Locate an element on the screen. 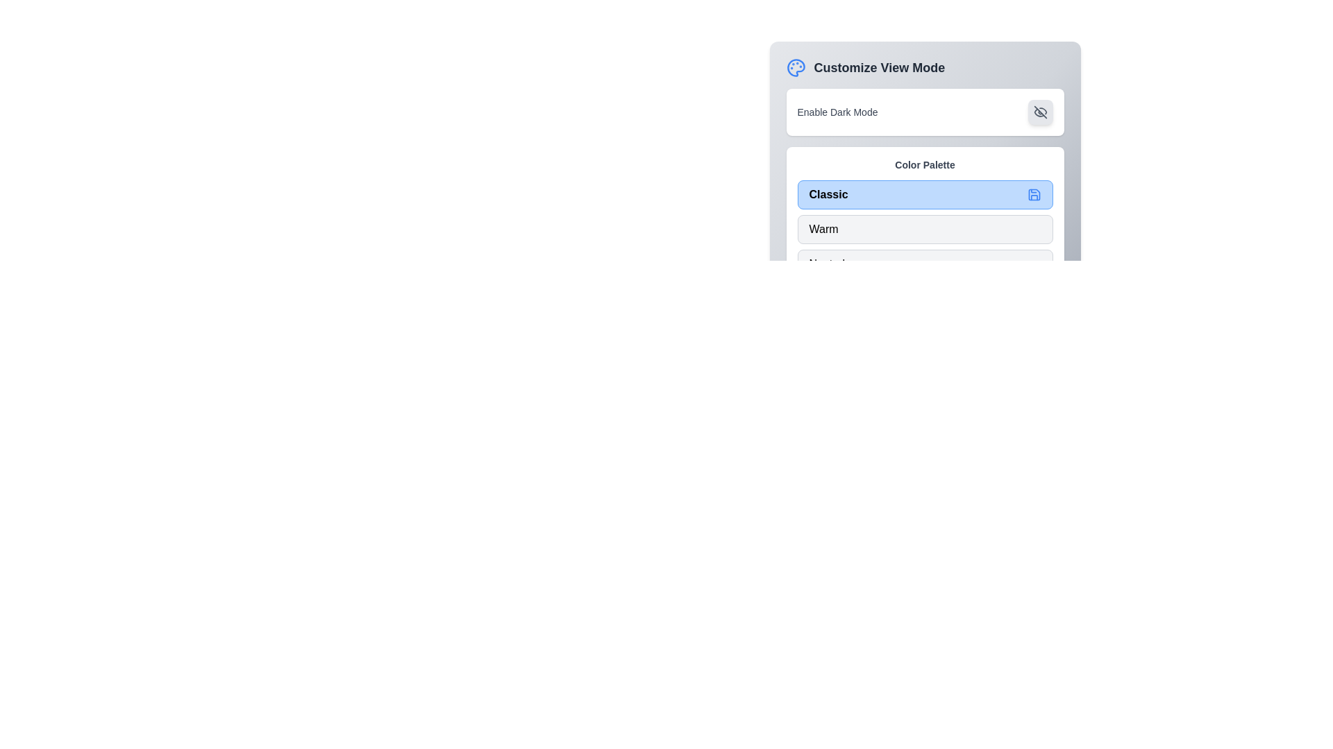 This screenshot has height=749, width=1333. the graphical icon representing the option to change or customize color palettes or themes, located to the left of the 'Customize View Mode' title is located at coordinates (796, 67).